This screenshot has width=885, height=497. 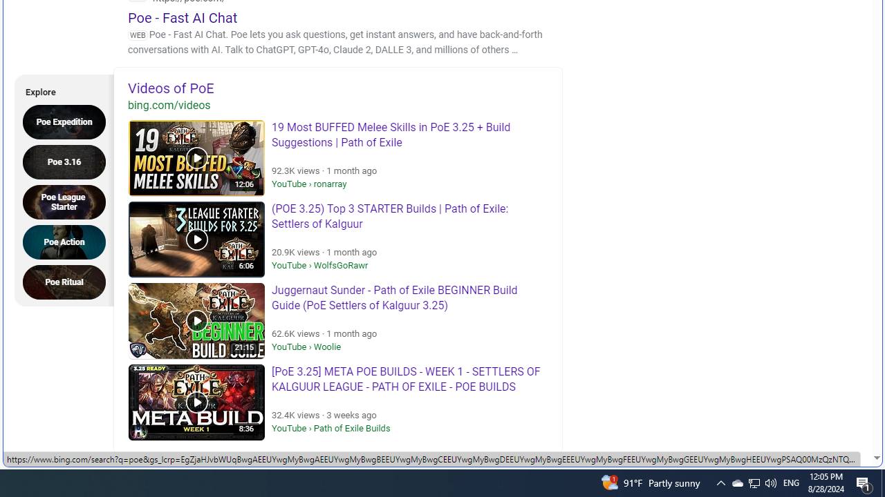 What do you see at coordinates (59, 90) in the screenshot?
I see `'Explore'` at bounding box center [59, 90].